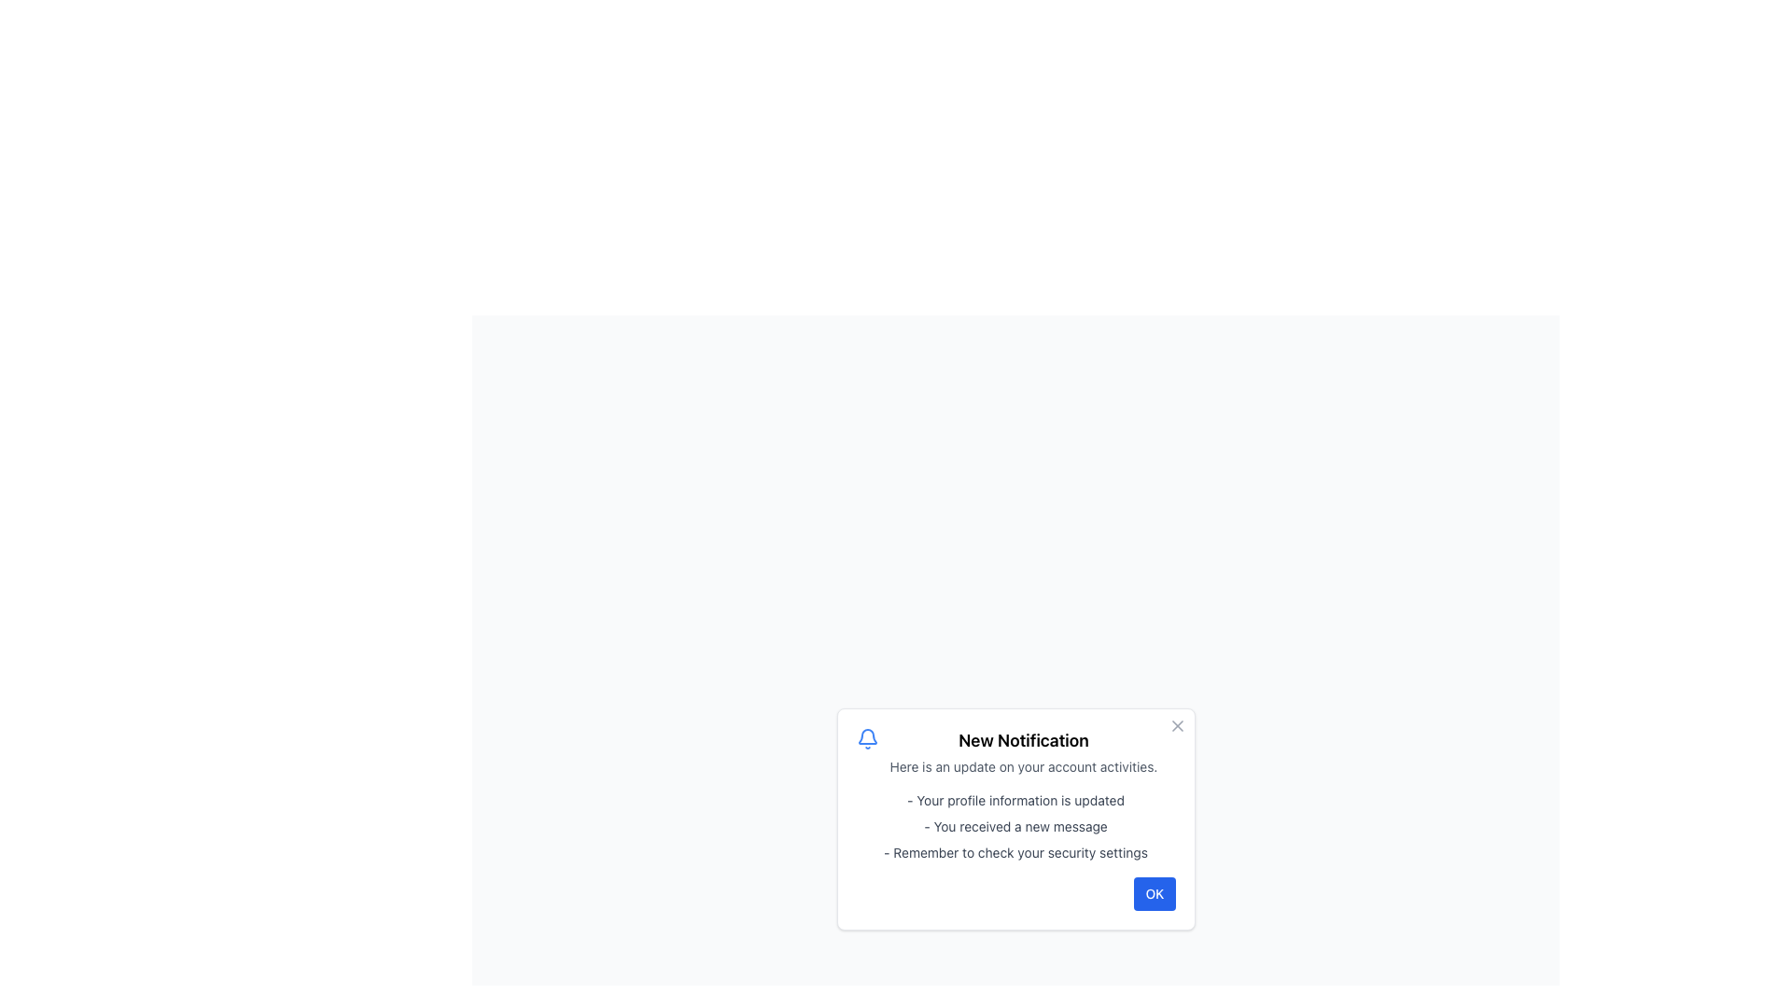 The image size is (1792, 1008). What do you see at coordinates (866, 735) in the screenshot?
I see `the bell icon with a blue stroke located to the left of the 'New Notification' title in the modal dialog box` at bounding box center [866, 735].